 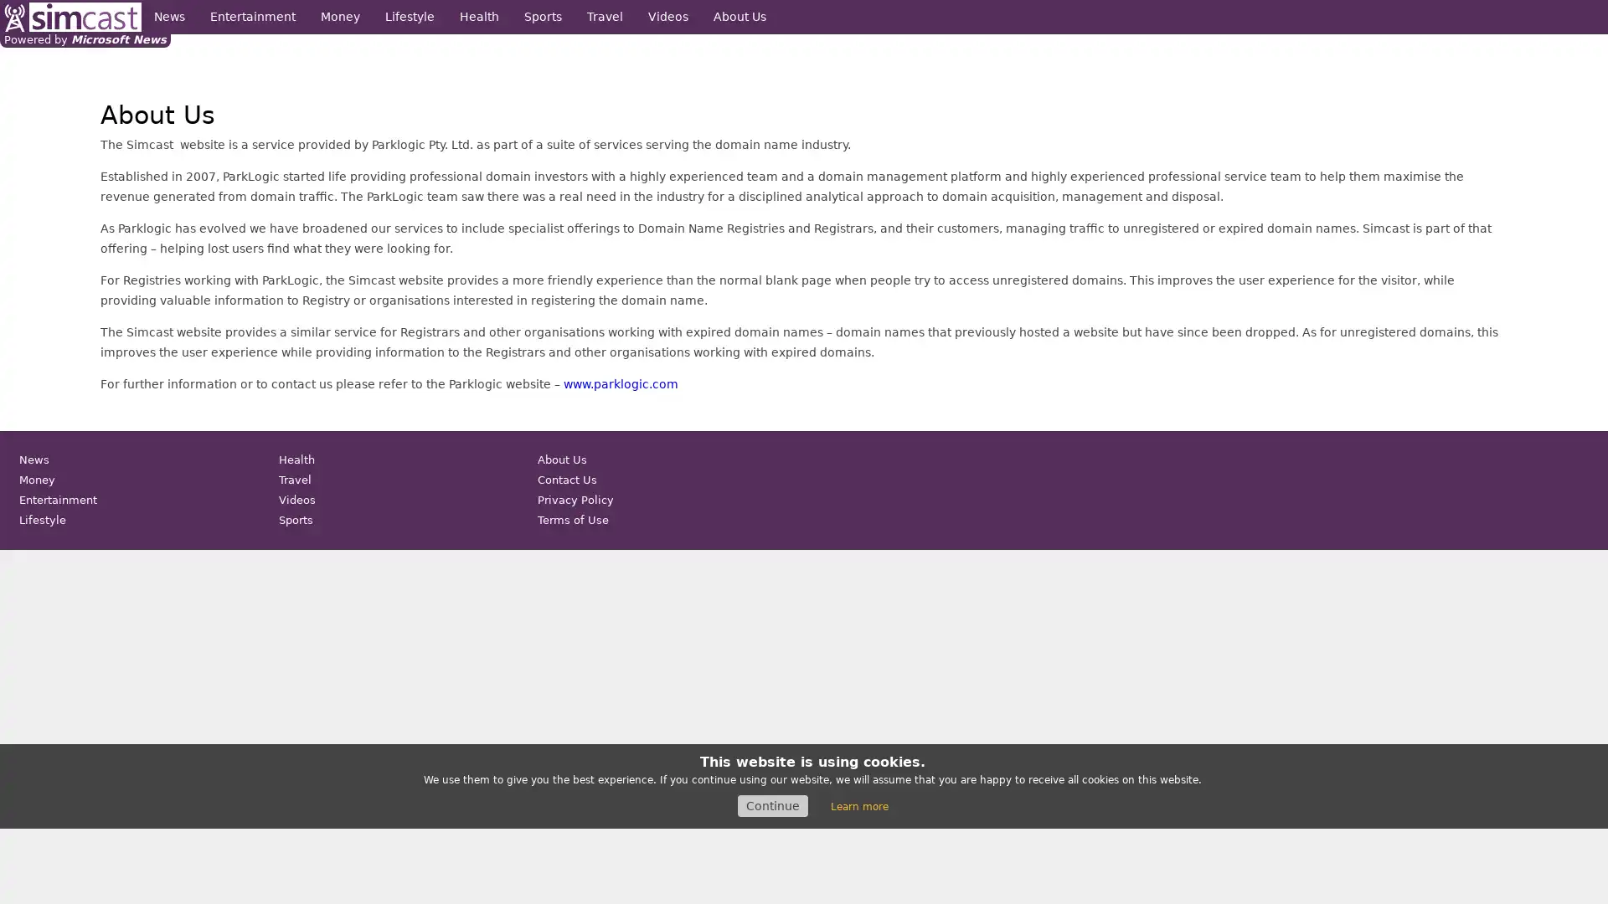 I want to click on Continue, so click(x=771, y=805).